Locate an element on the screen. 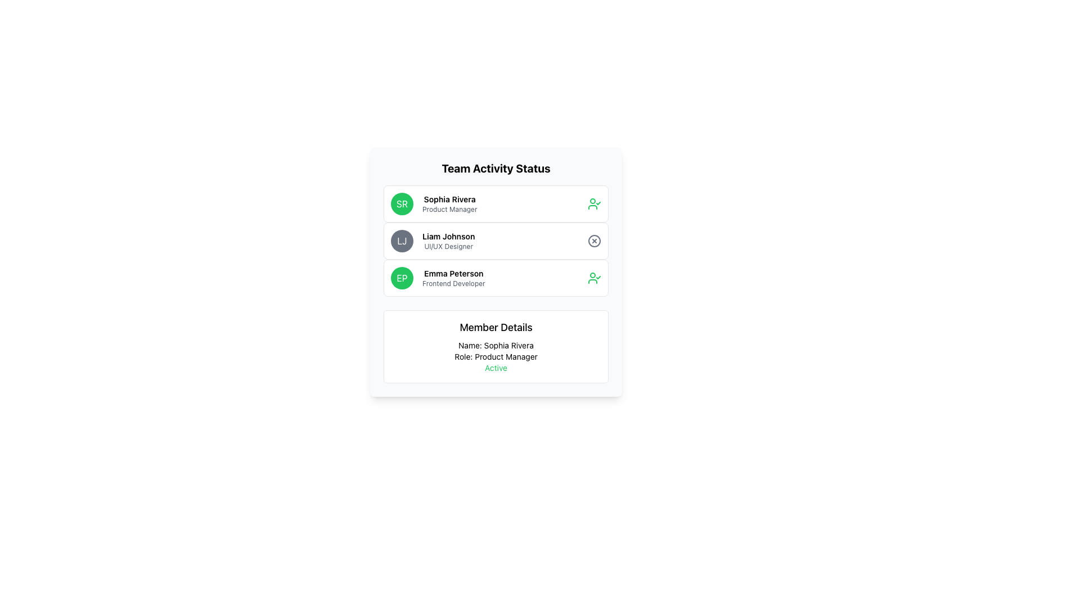 This screenshot has width=1080, height=607. the text label displaying the professional role or title of the user 'Emma Peterson', located below the user's name within the 'Team Activity Status' panel is located at coordinates (453, 283).